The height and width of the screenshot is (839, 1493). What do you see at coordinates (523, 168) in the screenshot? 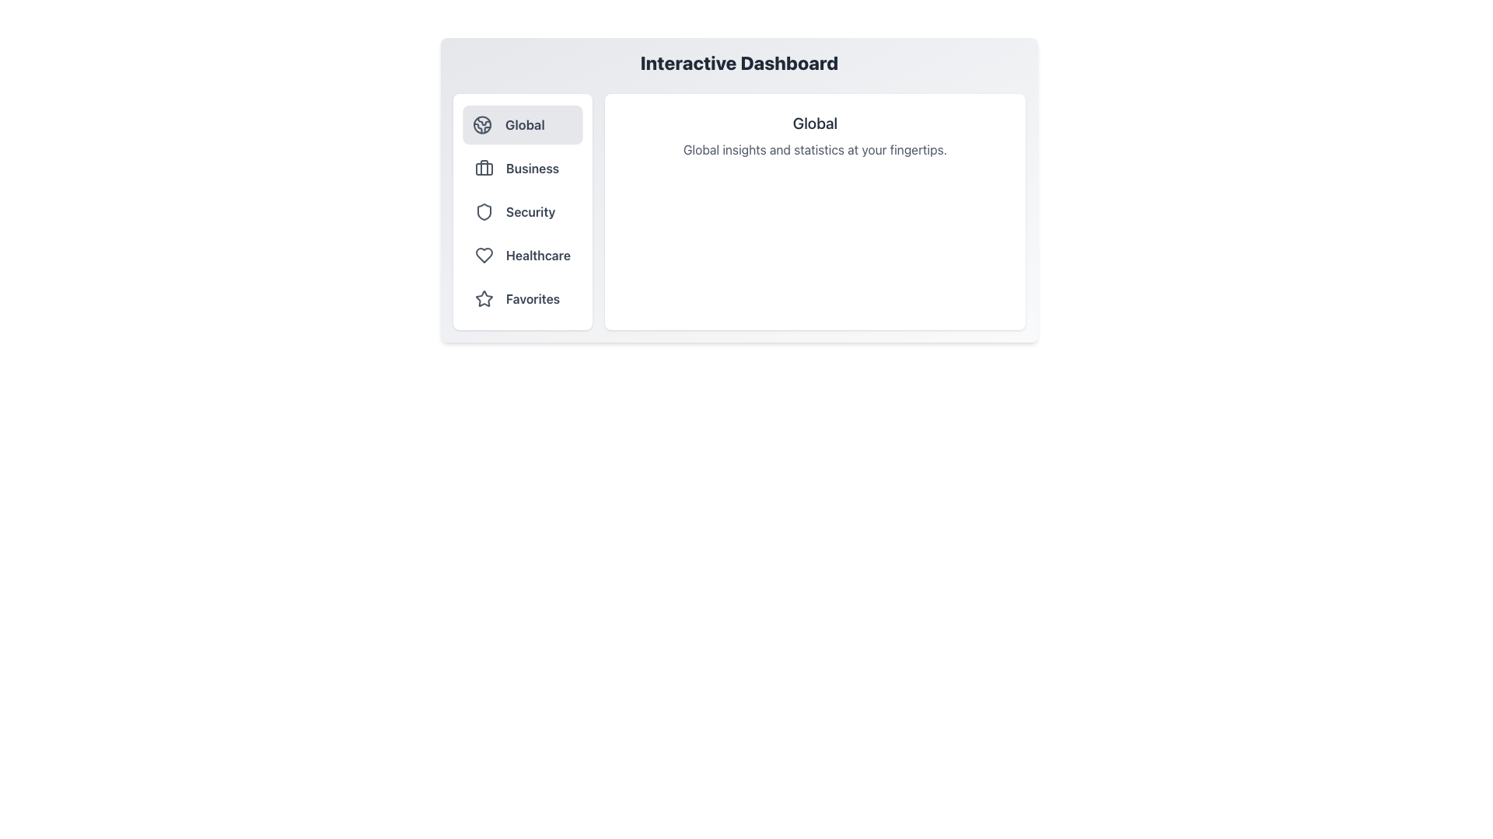
I see `the 'Business' menu item button, which features a briefcase icon and the text 'Business', located in the sidebar menu below 'Global' and above 'Security'` at bounding box center [523, 168].